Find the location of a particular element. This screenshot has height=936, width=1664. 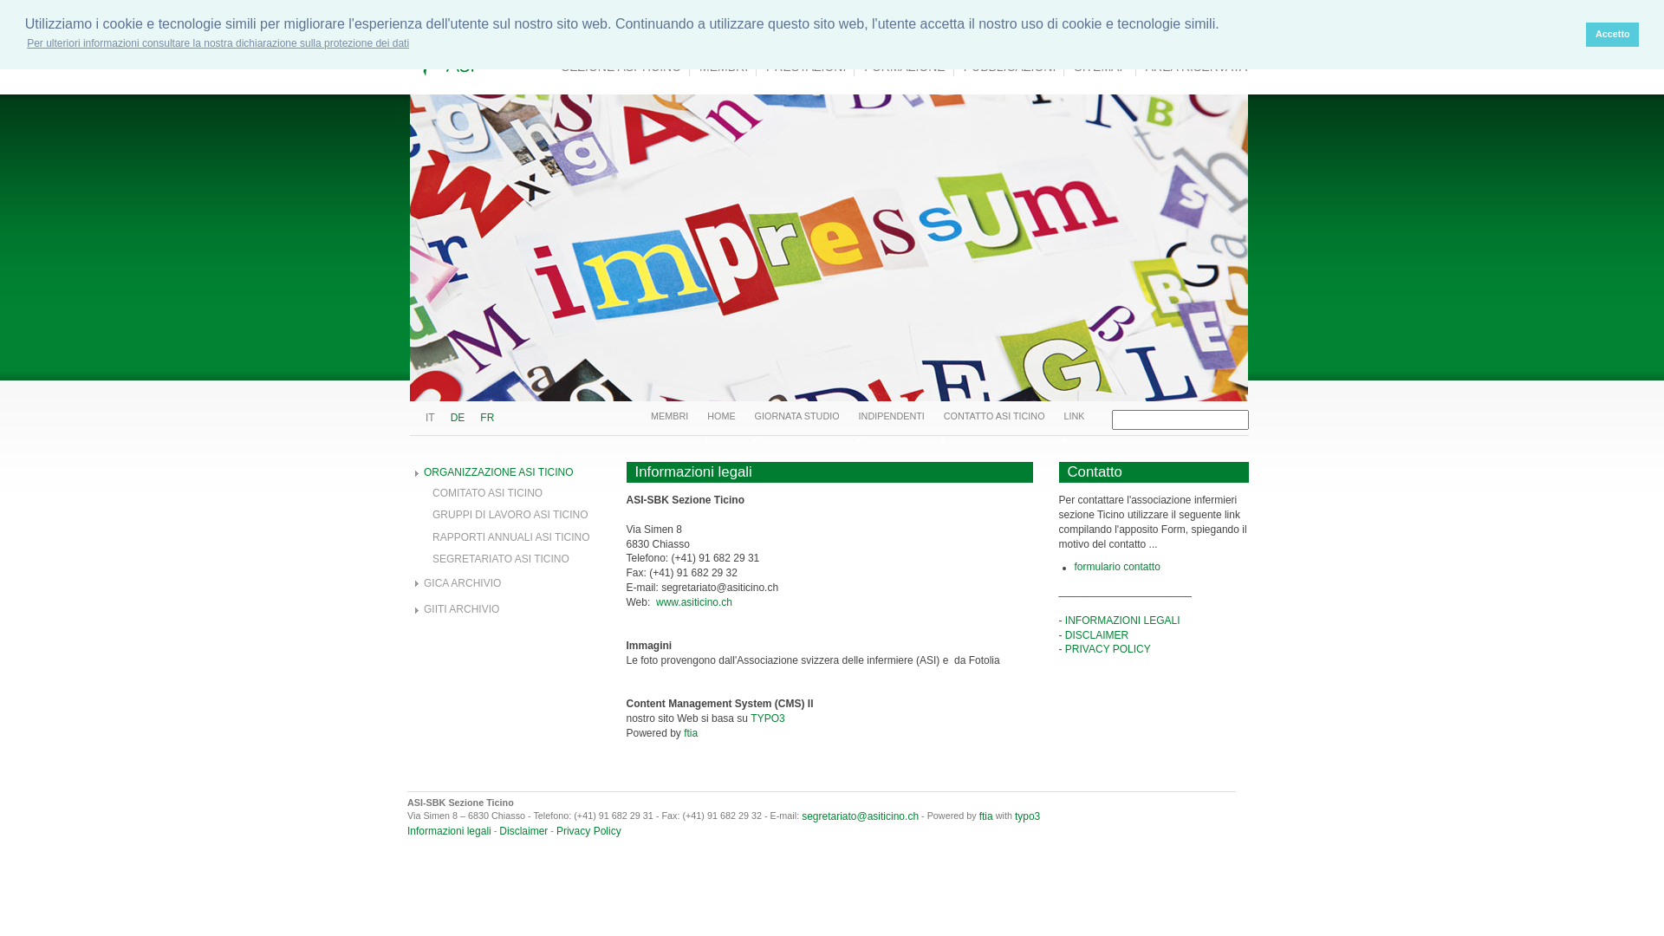

'INFORMAZIONI LEGALI' is located at coordinates (1063, 620).